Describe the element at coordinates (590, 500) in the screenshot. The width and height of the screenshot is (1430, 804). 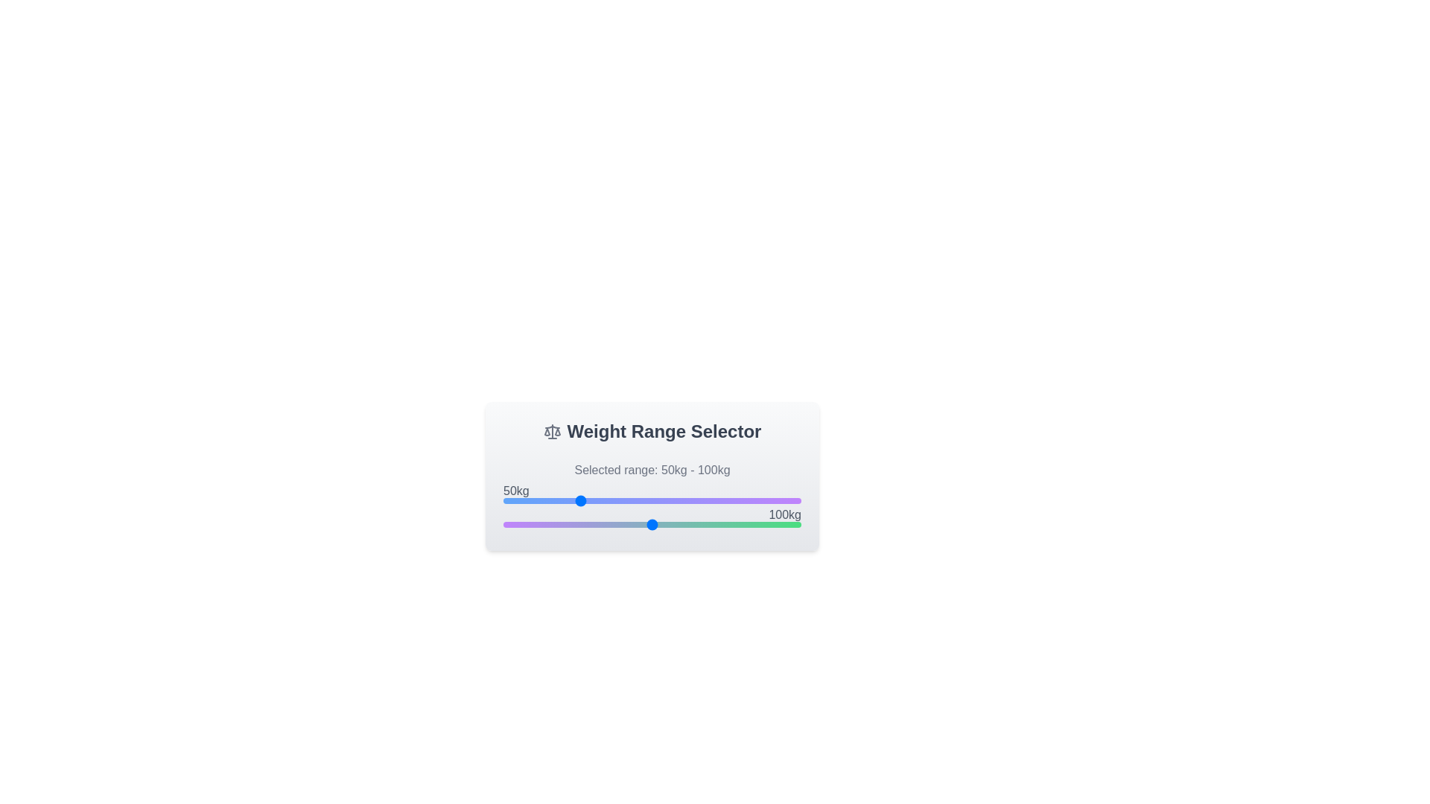
I see `the left slider to set the minimum weight to 59 kg` at that location.